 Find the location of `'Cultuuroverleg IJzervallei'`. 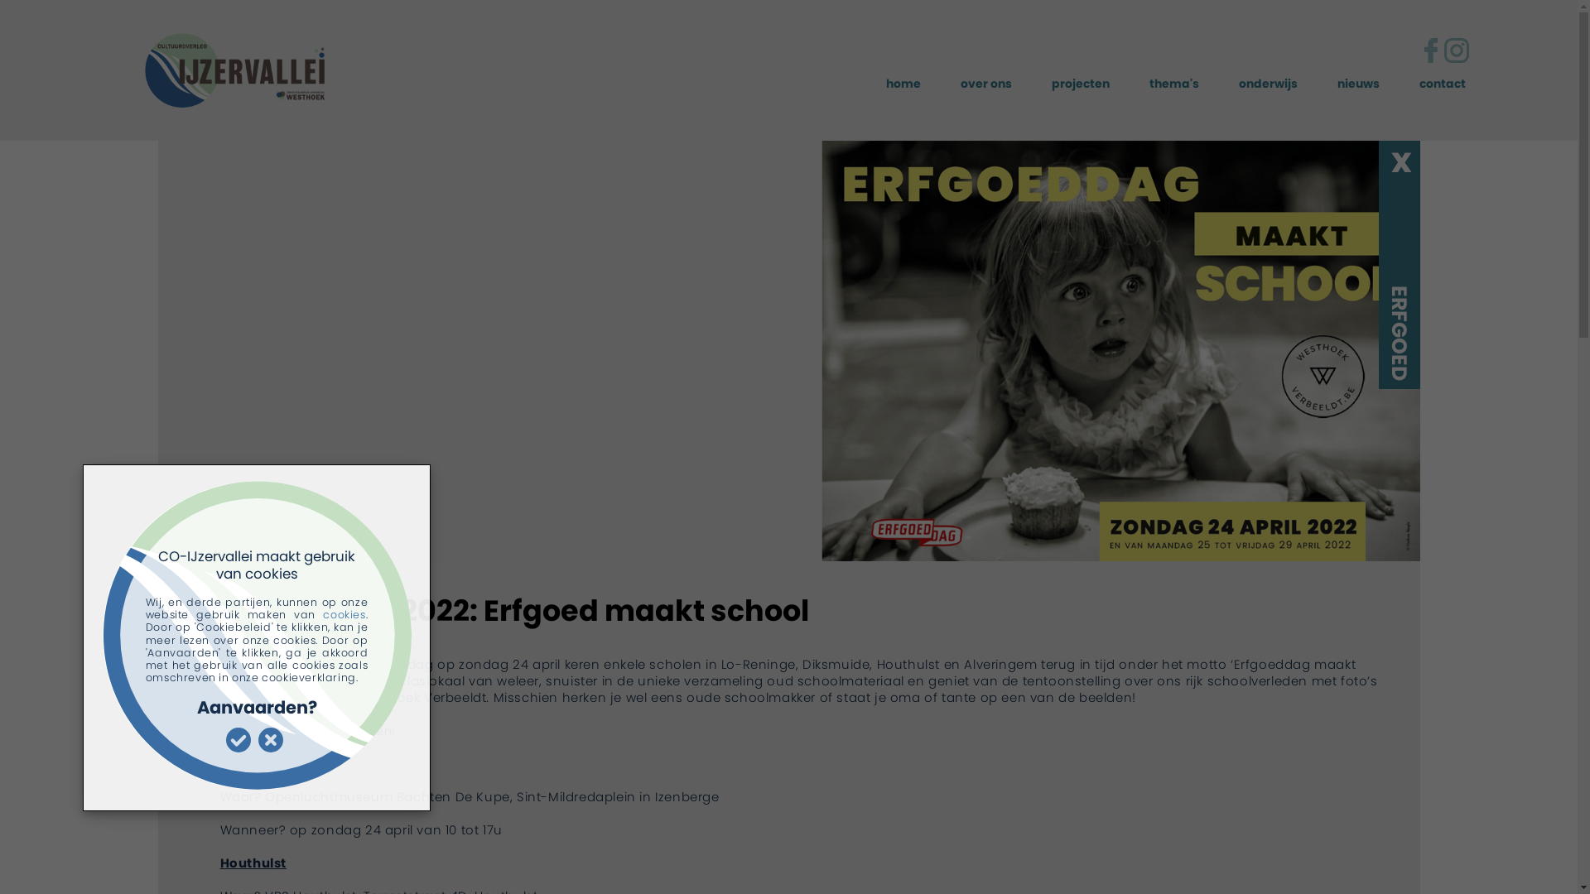

'Cultuuroverleg IJzervallei' is located at coordinates (168, 71).